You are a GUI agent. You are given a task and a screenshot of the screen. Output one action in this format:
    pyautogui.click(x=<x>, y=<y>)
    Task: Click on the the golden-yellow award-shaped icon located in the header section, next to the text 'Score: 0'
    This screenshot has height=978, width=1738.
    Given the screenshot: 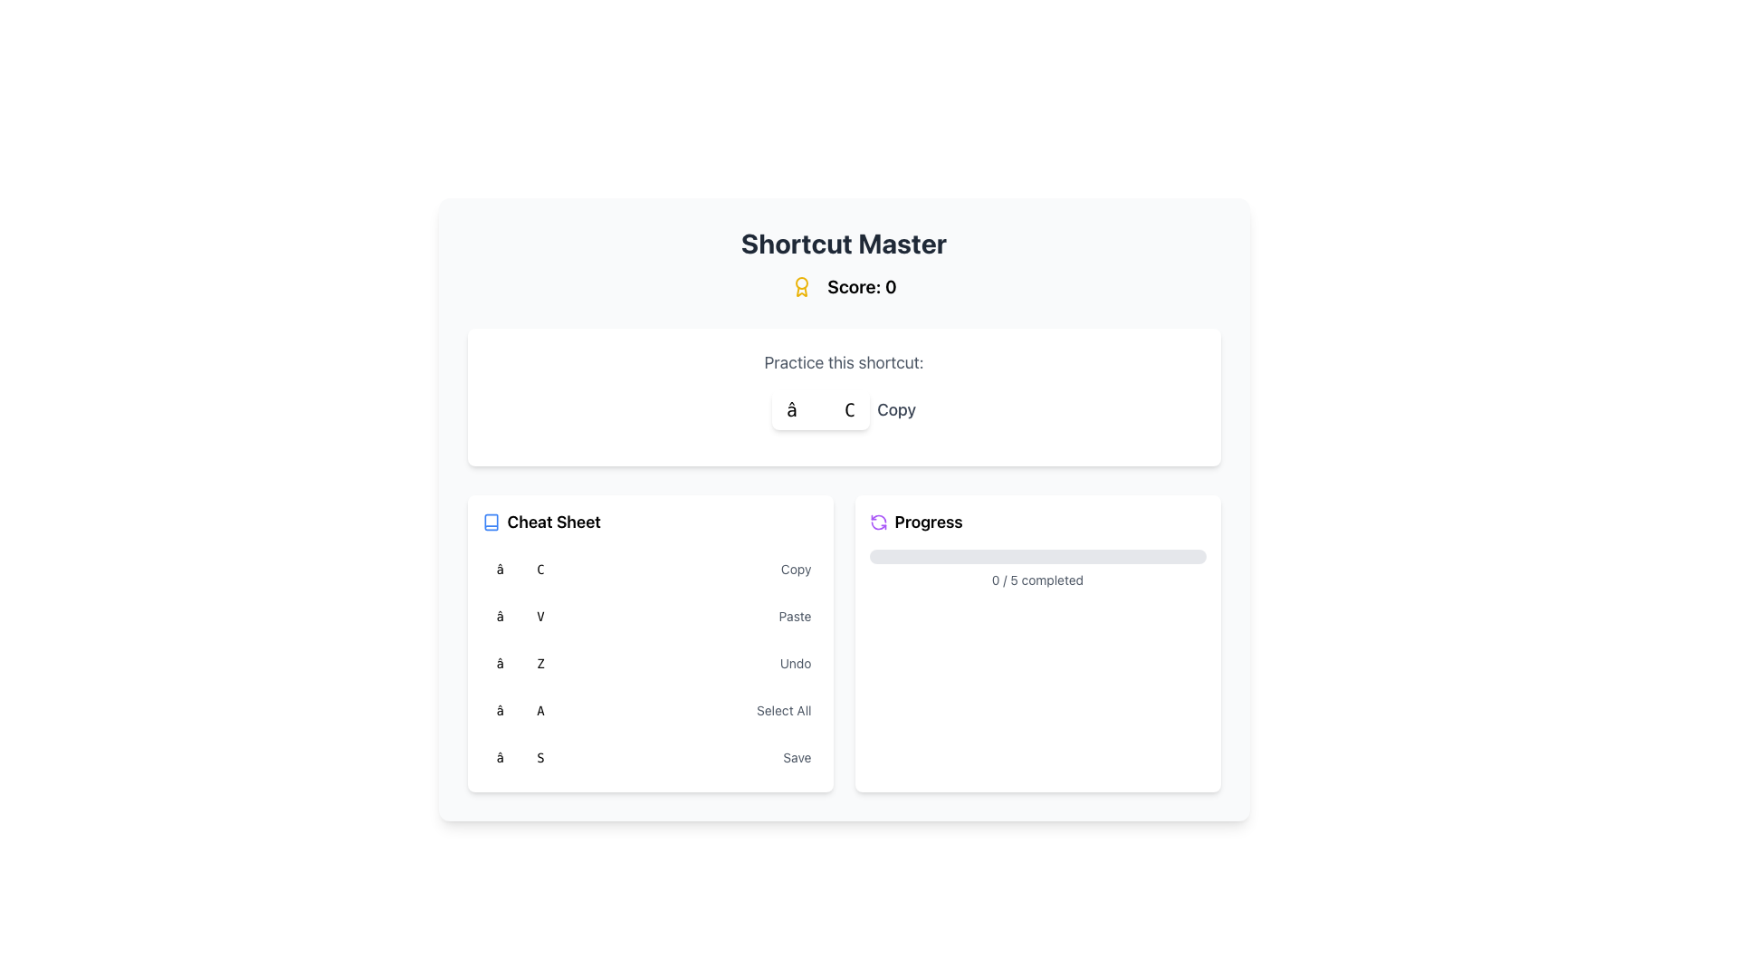 What is the action you would take?
    pyautogui.click(x=801, y=285)
    